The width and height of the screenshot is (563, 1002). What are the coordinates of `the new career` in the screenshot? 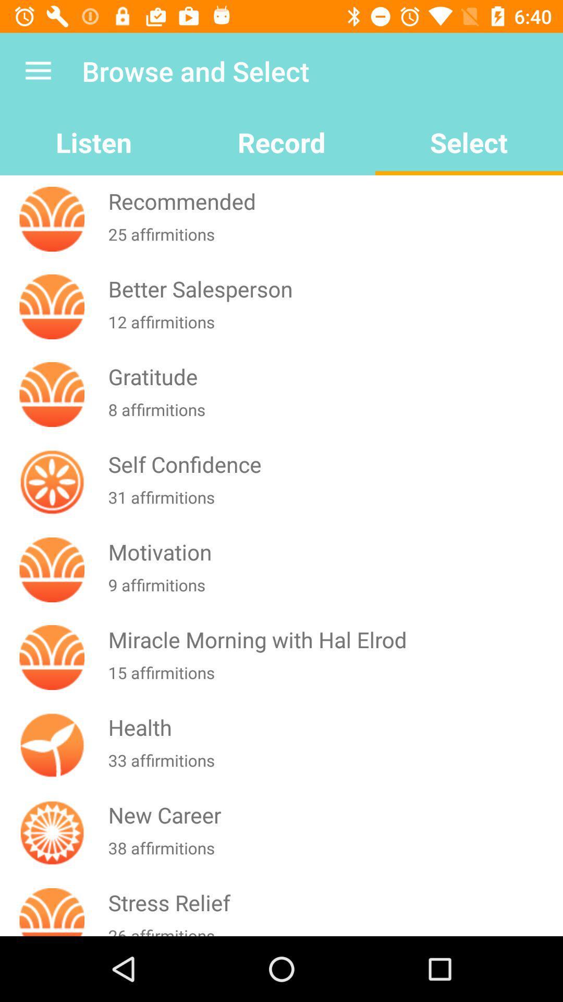 It's located at (333, 814).